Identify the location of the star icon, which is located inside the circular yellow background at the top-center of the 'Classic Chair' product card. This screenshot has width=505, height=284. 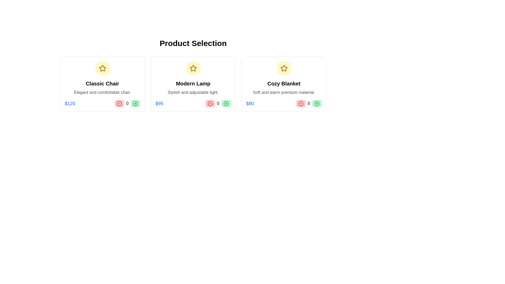
(102, 68).